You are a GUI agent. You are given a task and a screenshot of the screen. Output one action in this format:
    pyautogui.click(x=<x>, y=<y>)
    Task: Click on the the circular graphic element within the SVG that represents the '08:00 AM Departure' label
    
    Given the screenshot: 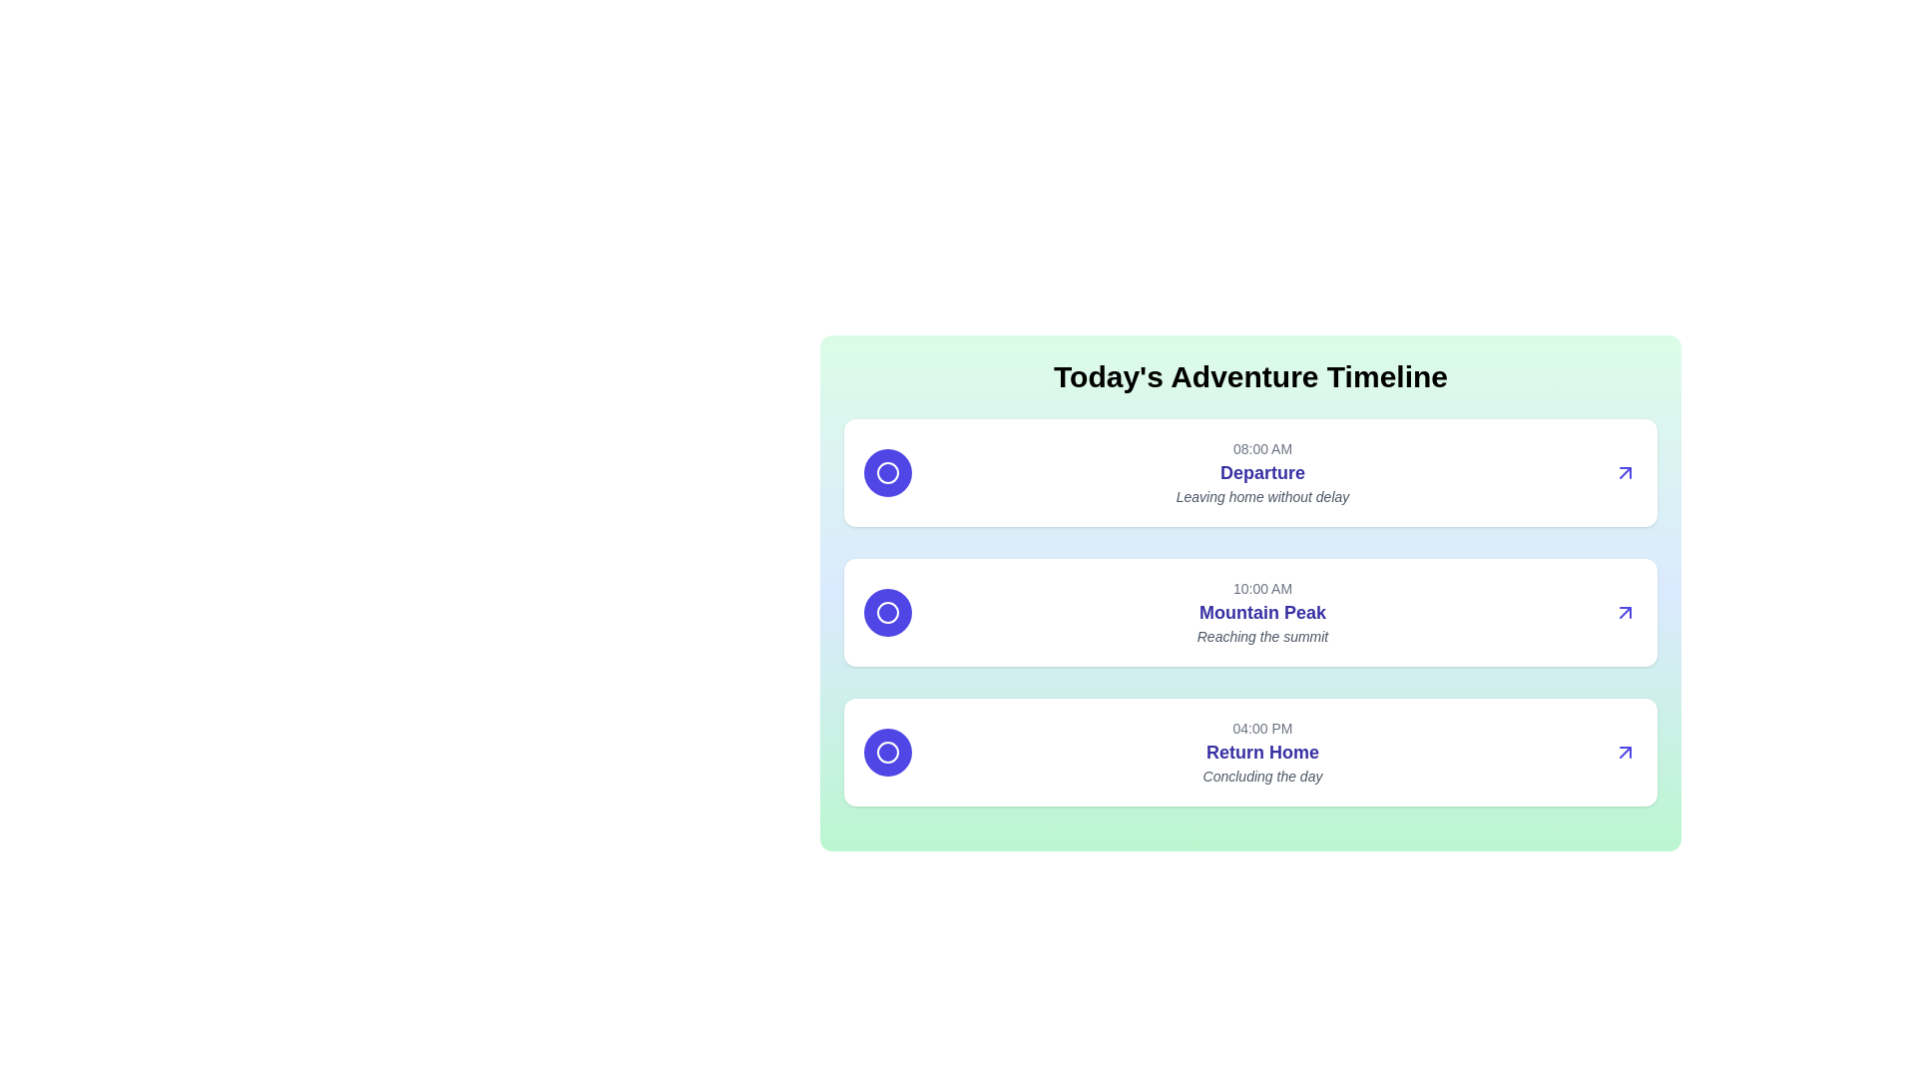 What is the action you would take?
    pyautogui.click(x=886, y=473)
    